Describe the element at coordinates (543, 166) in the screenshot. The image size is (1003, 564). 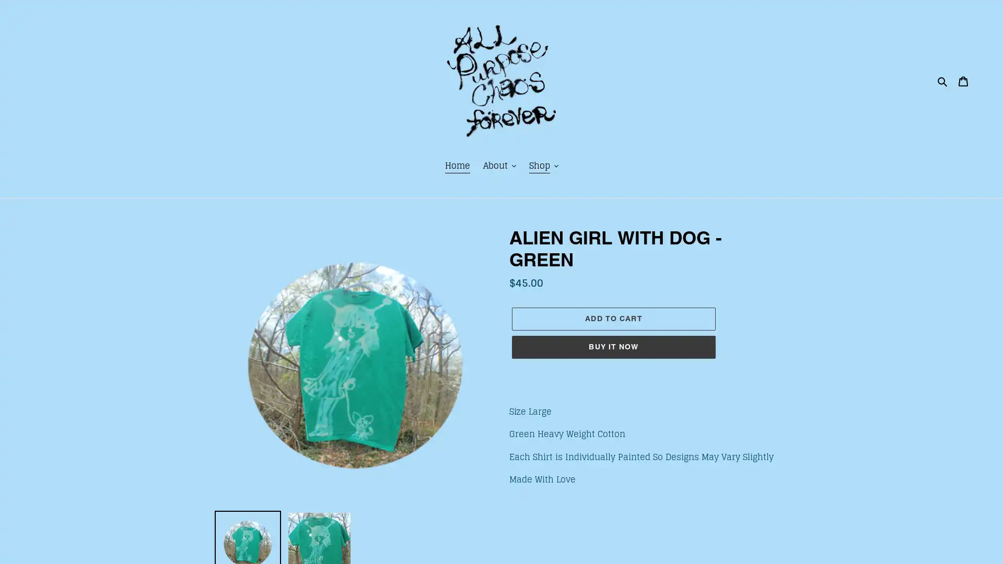
I see `Shop` at that location.